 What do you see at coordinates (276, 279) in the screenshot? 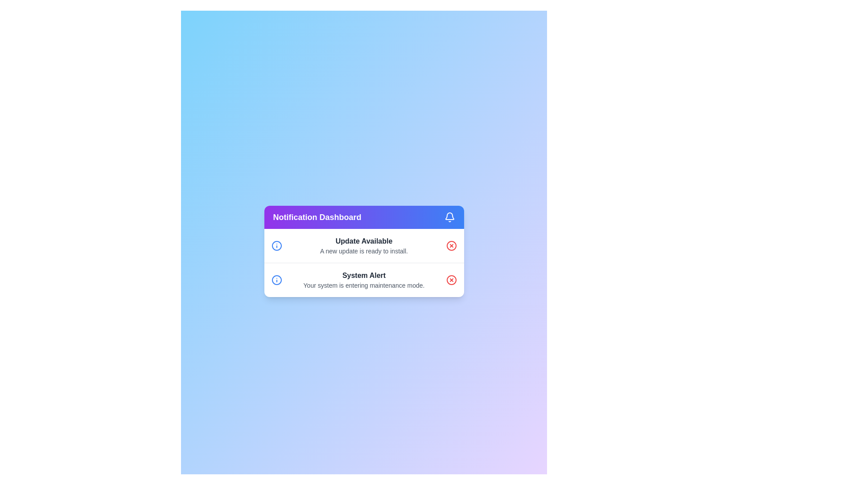
I see `the alert icon located in the bottom notification section that indicates 'System Alert: Your system is entering maintenance mode.'` at bounding box center [276, 279].